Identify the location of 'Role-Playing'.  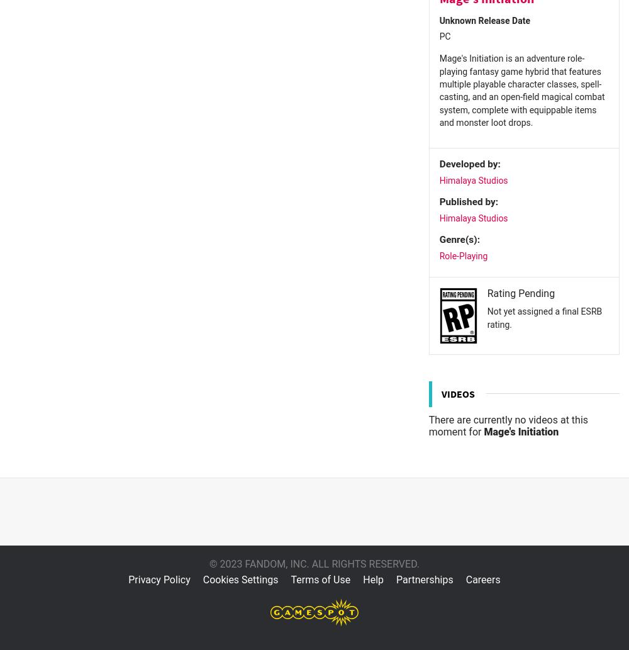
(462, 255).